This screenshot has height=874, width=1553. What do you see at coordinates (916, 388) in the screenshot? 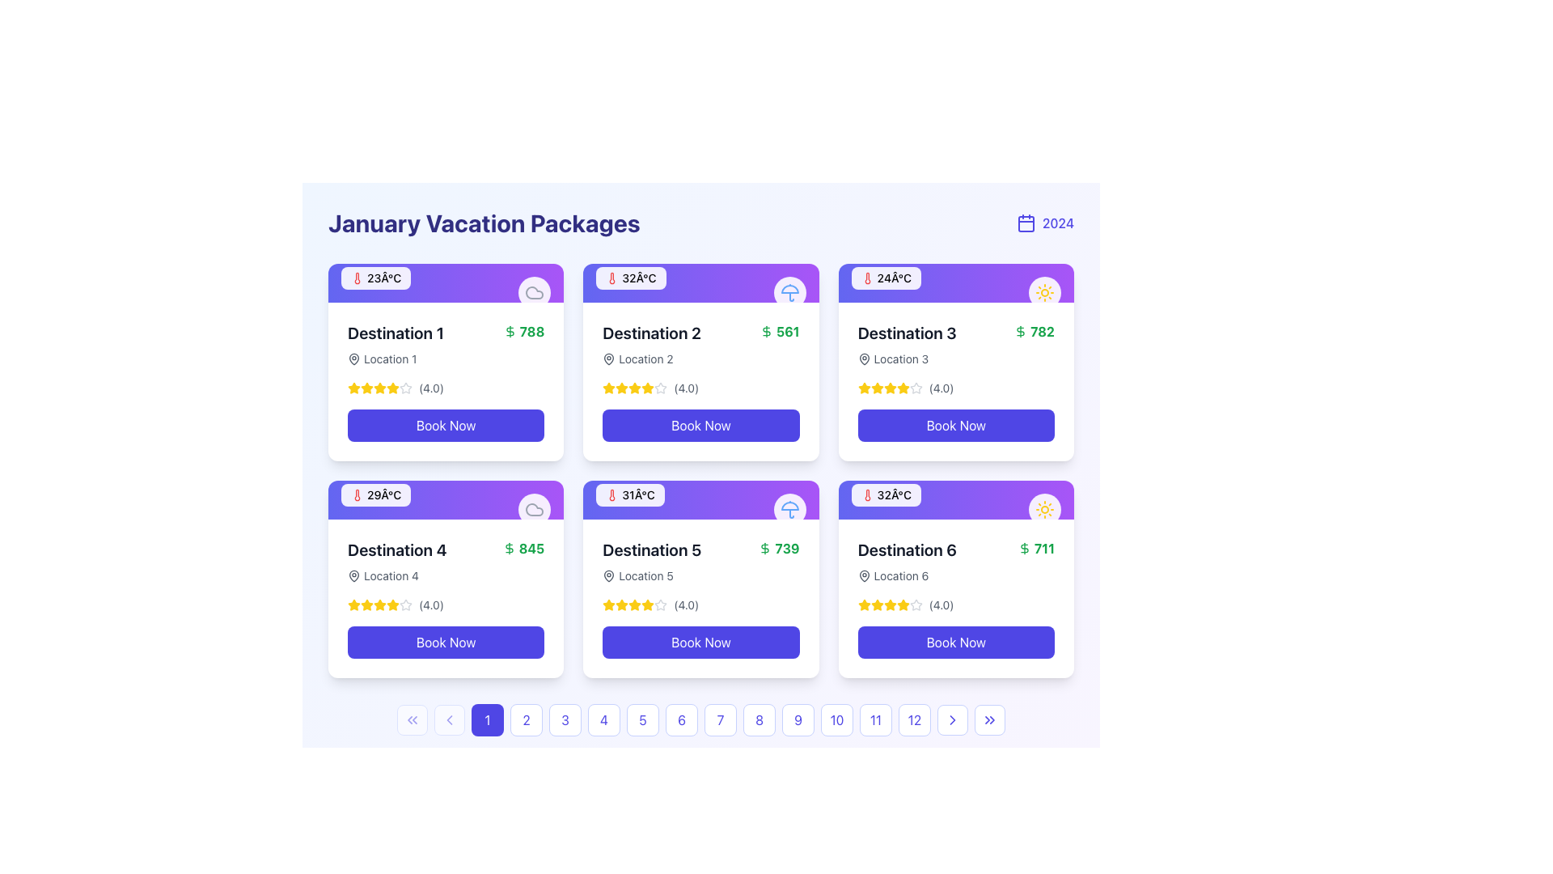
I see `across the rating stars below 'Destination 3'` at bounding box center [916, 388].